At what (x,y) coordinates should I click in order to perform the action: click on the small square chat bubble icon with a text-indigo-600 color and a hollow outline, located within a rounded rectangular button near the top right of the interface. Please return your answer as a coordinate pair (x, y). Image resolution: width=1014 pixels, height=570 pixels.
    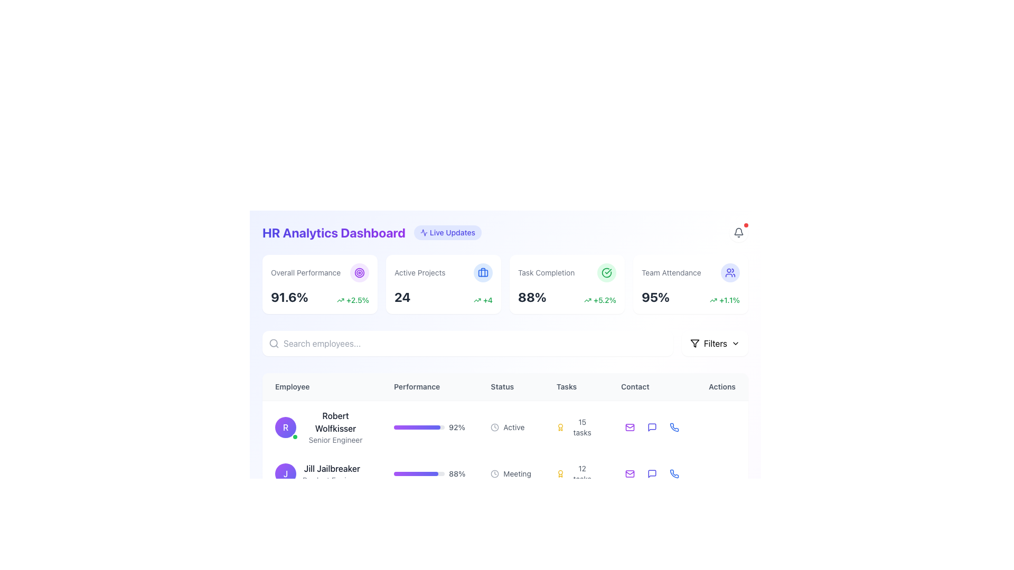
    Looking at the image, I should click on (652, 427).